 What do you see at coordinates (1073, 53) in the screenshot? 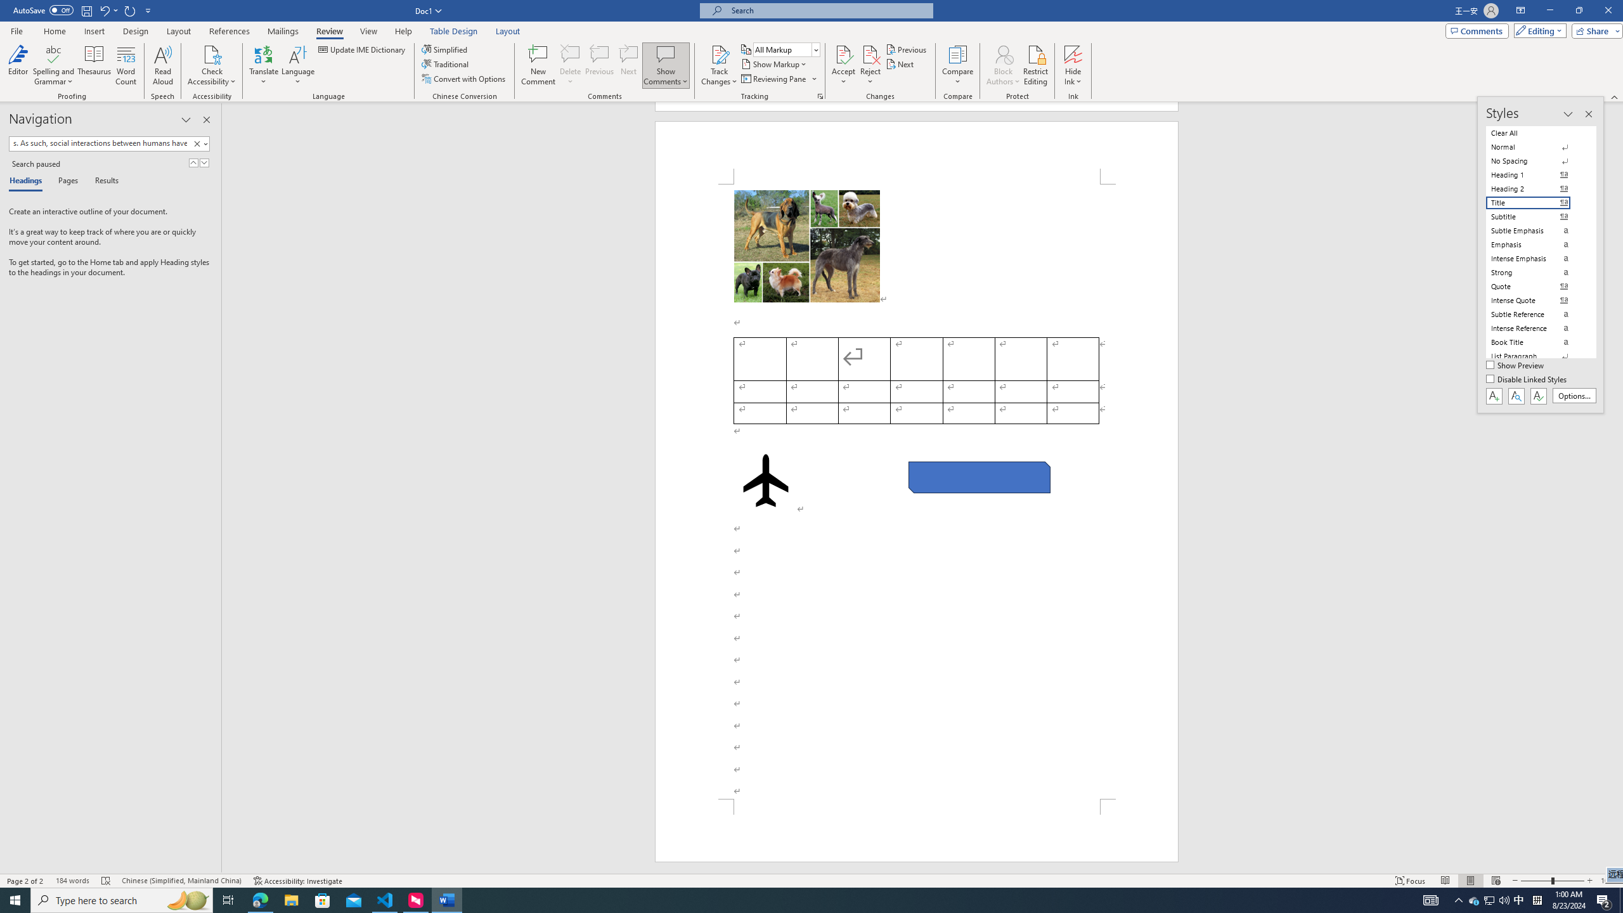
I see `'Hide Ink'` at bounding box center [1073, 53].